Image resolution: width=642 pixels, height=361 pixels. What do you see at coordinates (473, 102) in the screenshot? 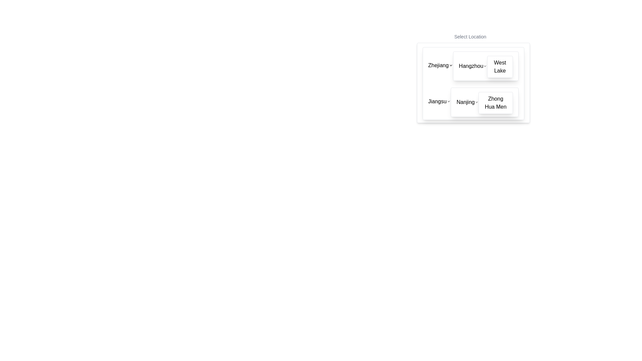
I see `the 'Nanjing' selection option within the dropdown menu for 'Jiangsu'` at bounding box center [473, 102].